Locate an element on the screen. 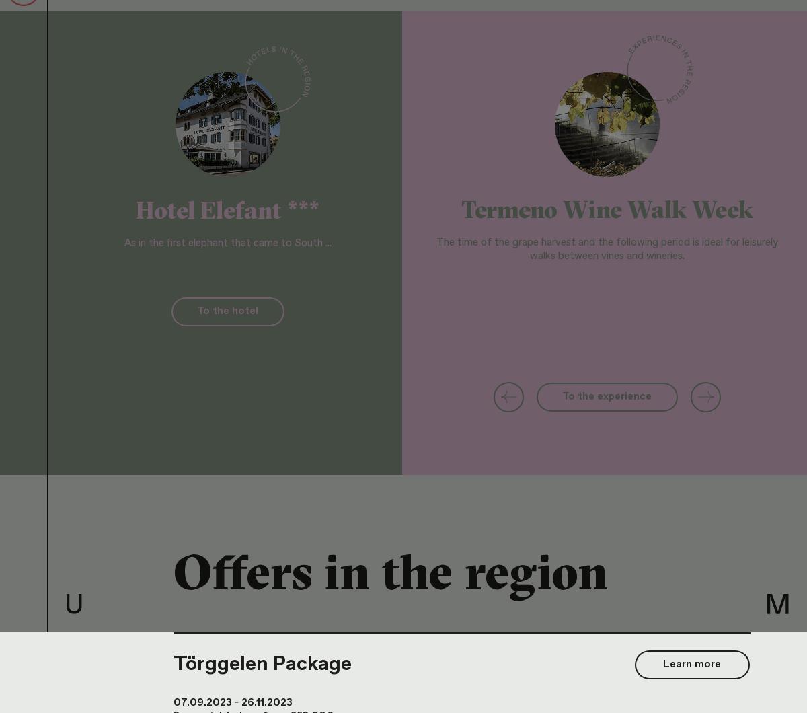  'Törggelen Package' is located at coordinates (262, 663).